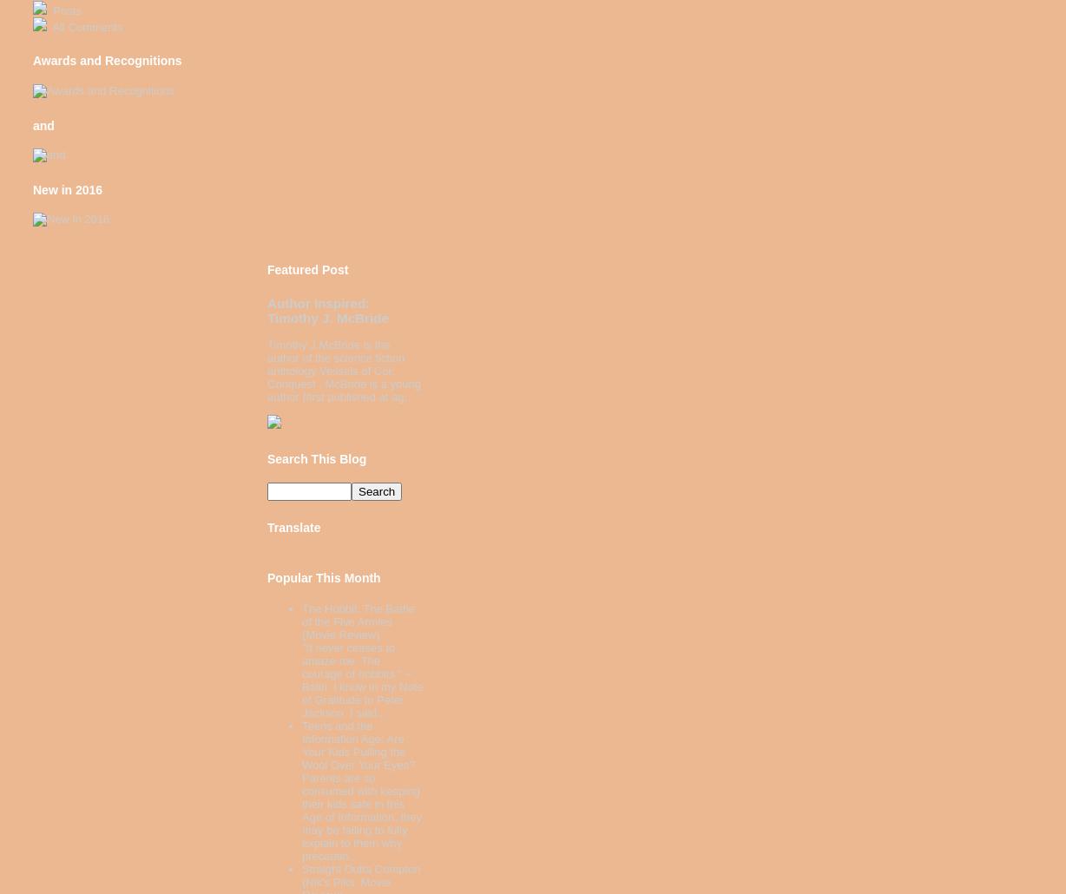 Image resolution: width=1066 pixels, height=894 pixels. Describe the element at coordinates (316, 457) in the screenshot. I see `'Search This Blog'` at that location.